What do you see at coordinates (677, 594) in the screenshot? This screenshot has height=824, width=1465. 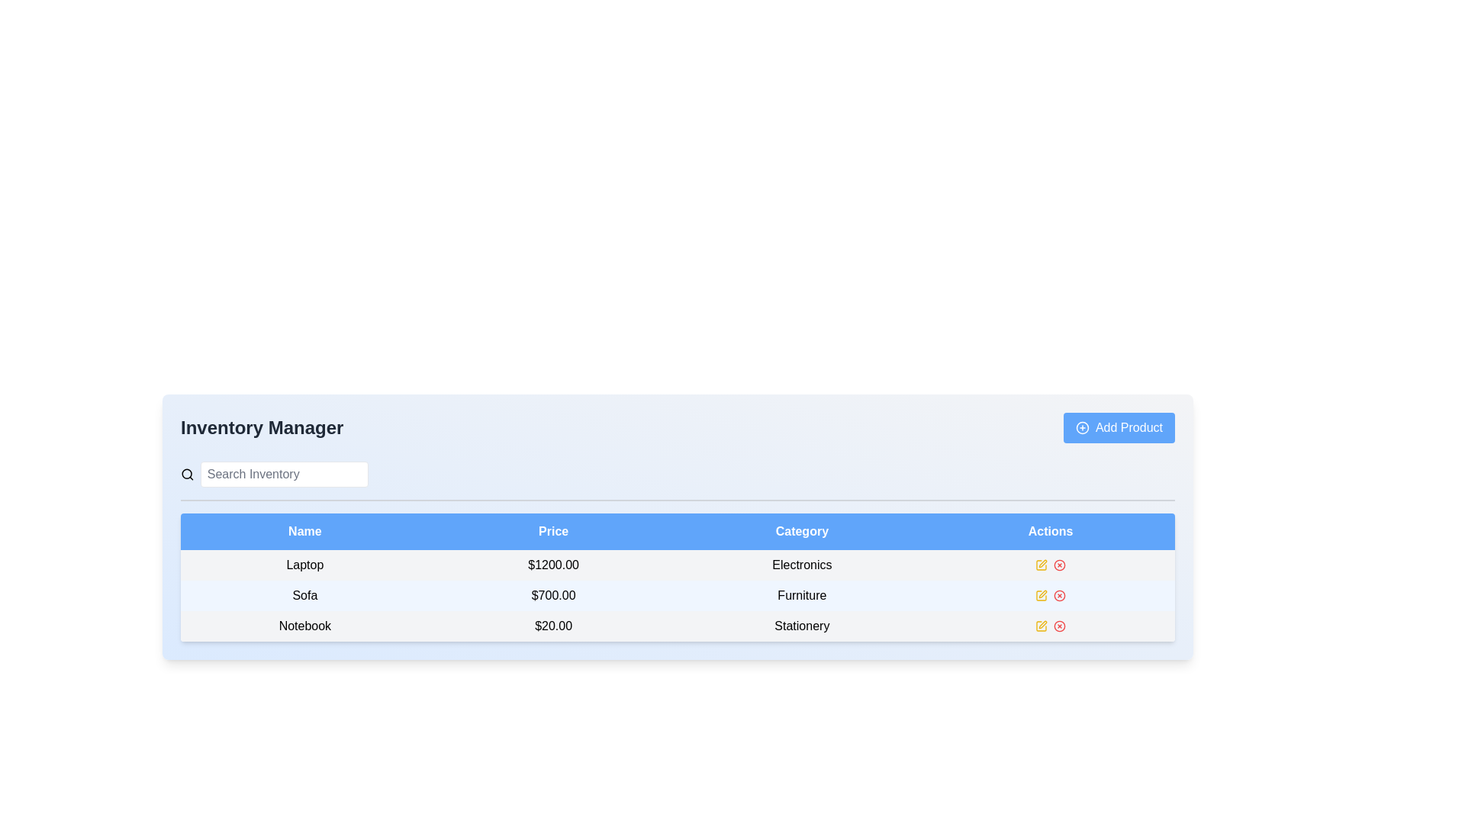 I see `the second row in the inventory table representing the item 'Sofa'` at bounding box center [677, 594].